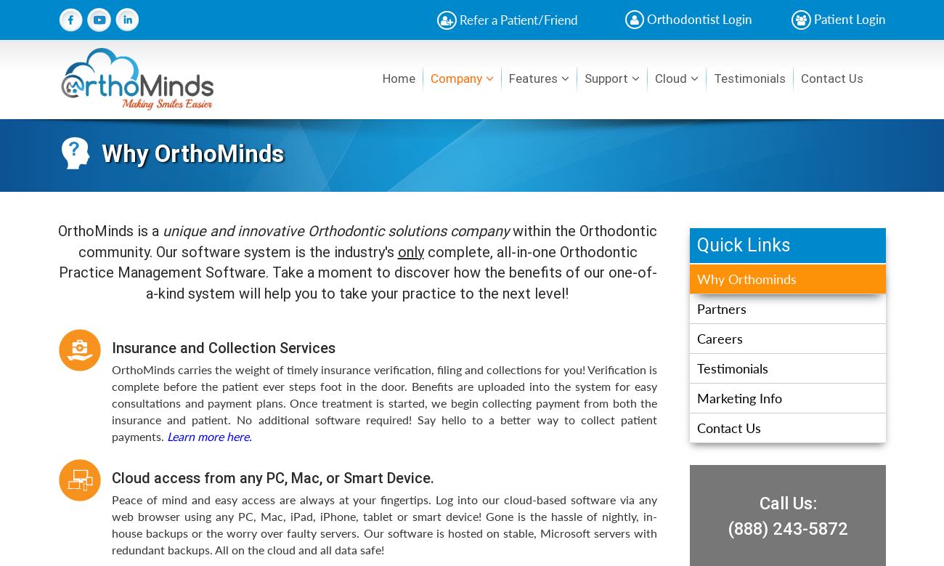  Describe the element at coordinates (719, 337) in the screenshot. I see `'Careers'` at that location.